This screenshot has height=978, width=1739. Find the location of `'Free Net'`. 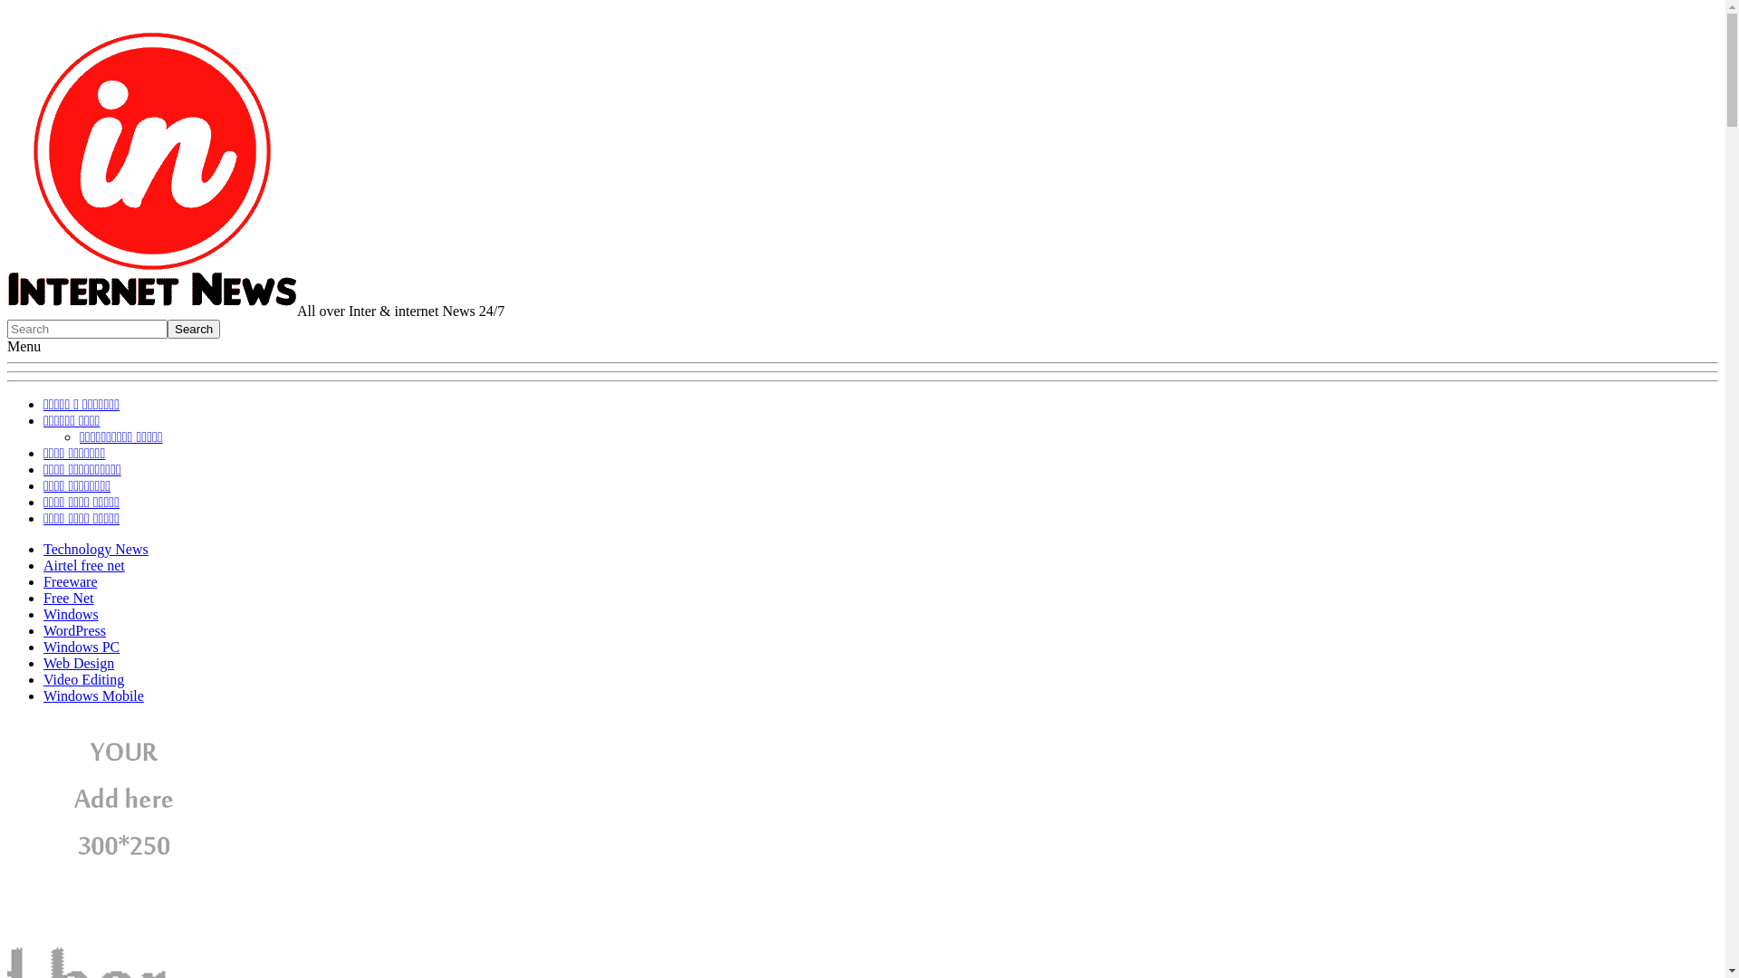

'Free Net' is located at coordinates (69, 598).